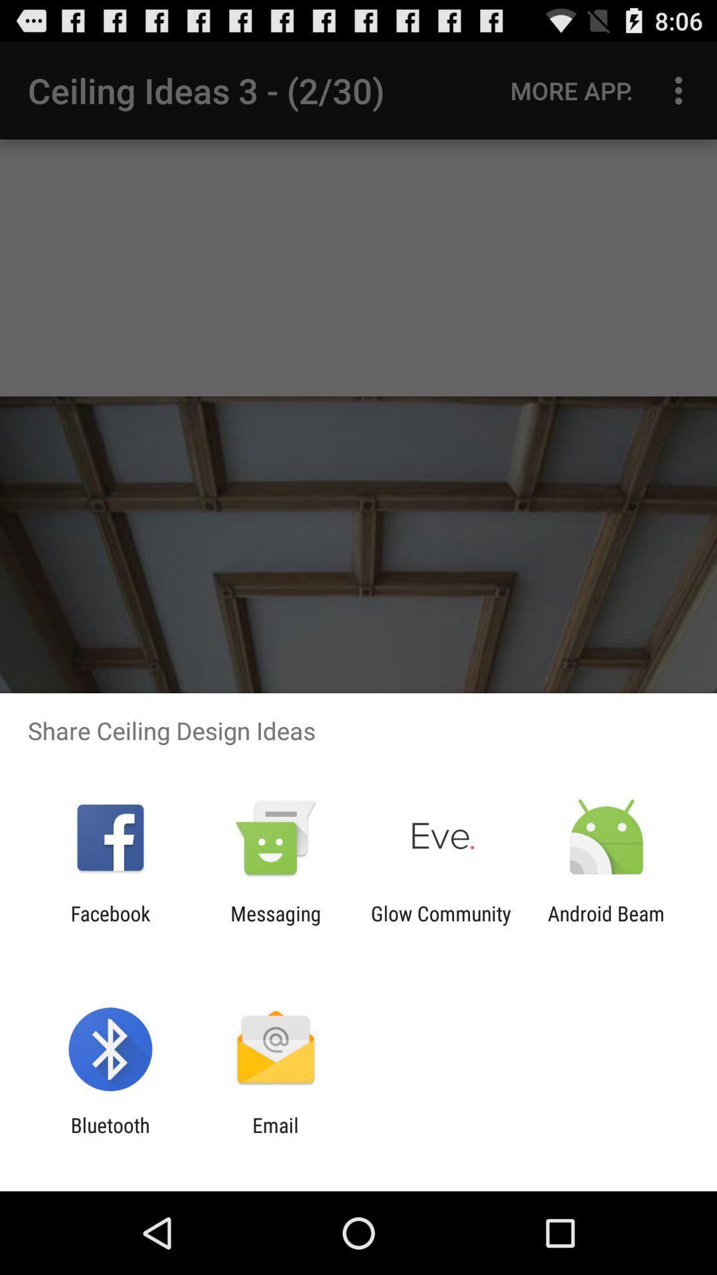 The height and width of the screenshot is (1275, 717). What do you see at coordinates (110, 1136) in the screenshot?
I see `app to the left of the email` at bounding box center [110, 1136].